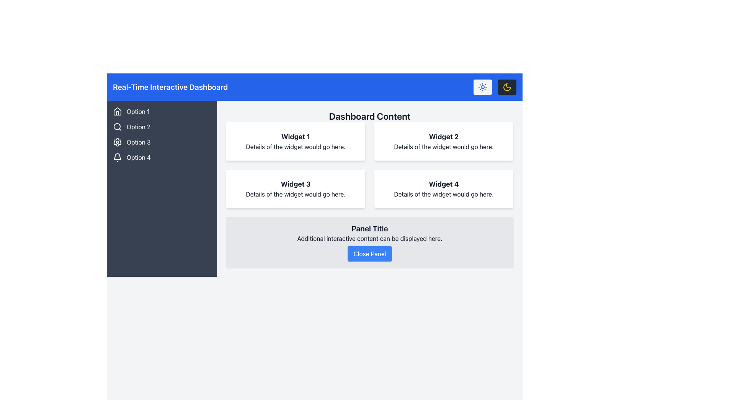 This screenshot has height=413, width=735. Describe the element at coordinates (117, 156) in the screenshot. I see `the notification icon located in the left-hand sidebar of the dashboard, which is the fourth icon in the vertical navigation menu` at that location.